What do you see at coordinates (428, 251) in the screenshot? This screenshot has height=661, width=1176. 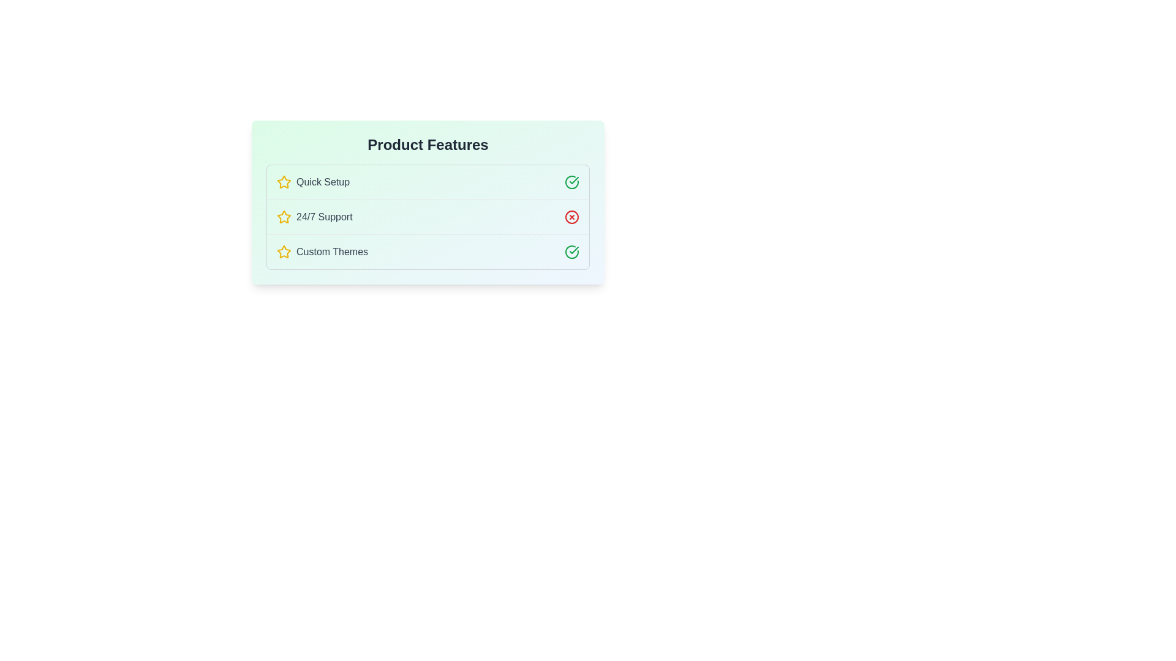 I see `the list item corresponding to Custom Themes` at bounding box center [428, 251].